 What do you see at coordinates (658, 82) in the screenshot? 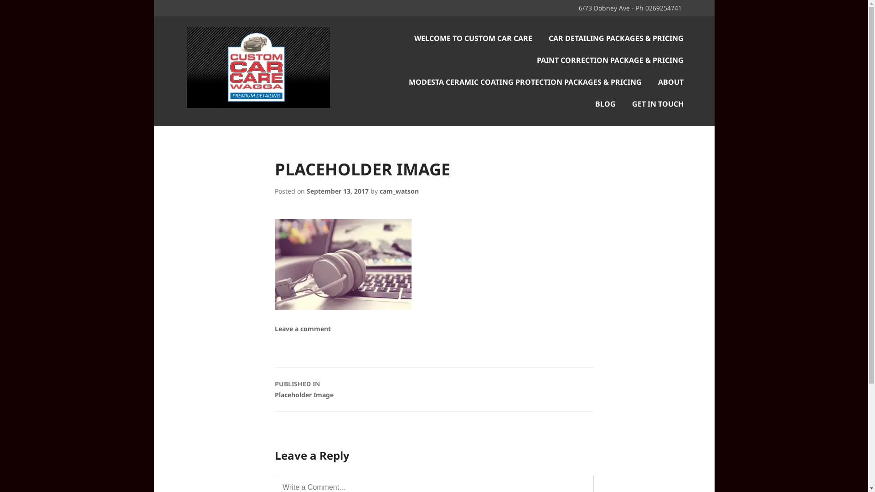
I see `'ABOUT'` at bounding box center [658, 82].